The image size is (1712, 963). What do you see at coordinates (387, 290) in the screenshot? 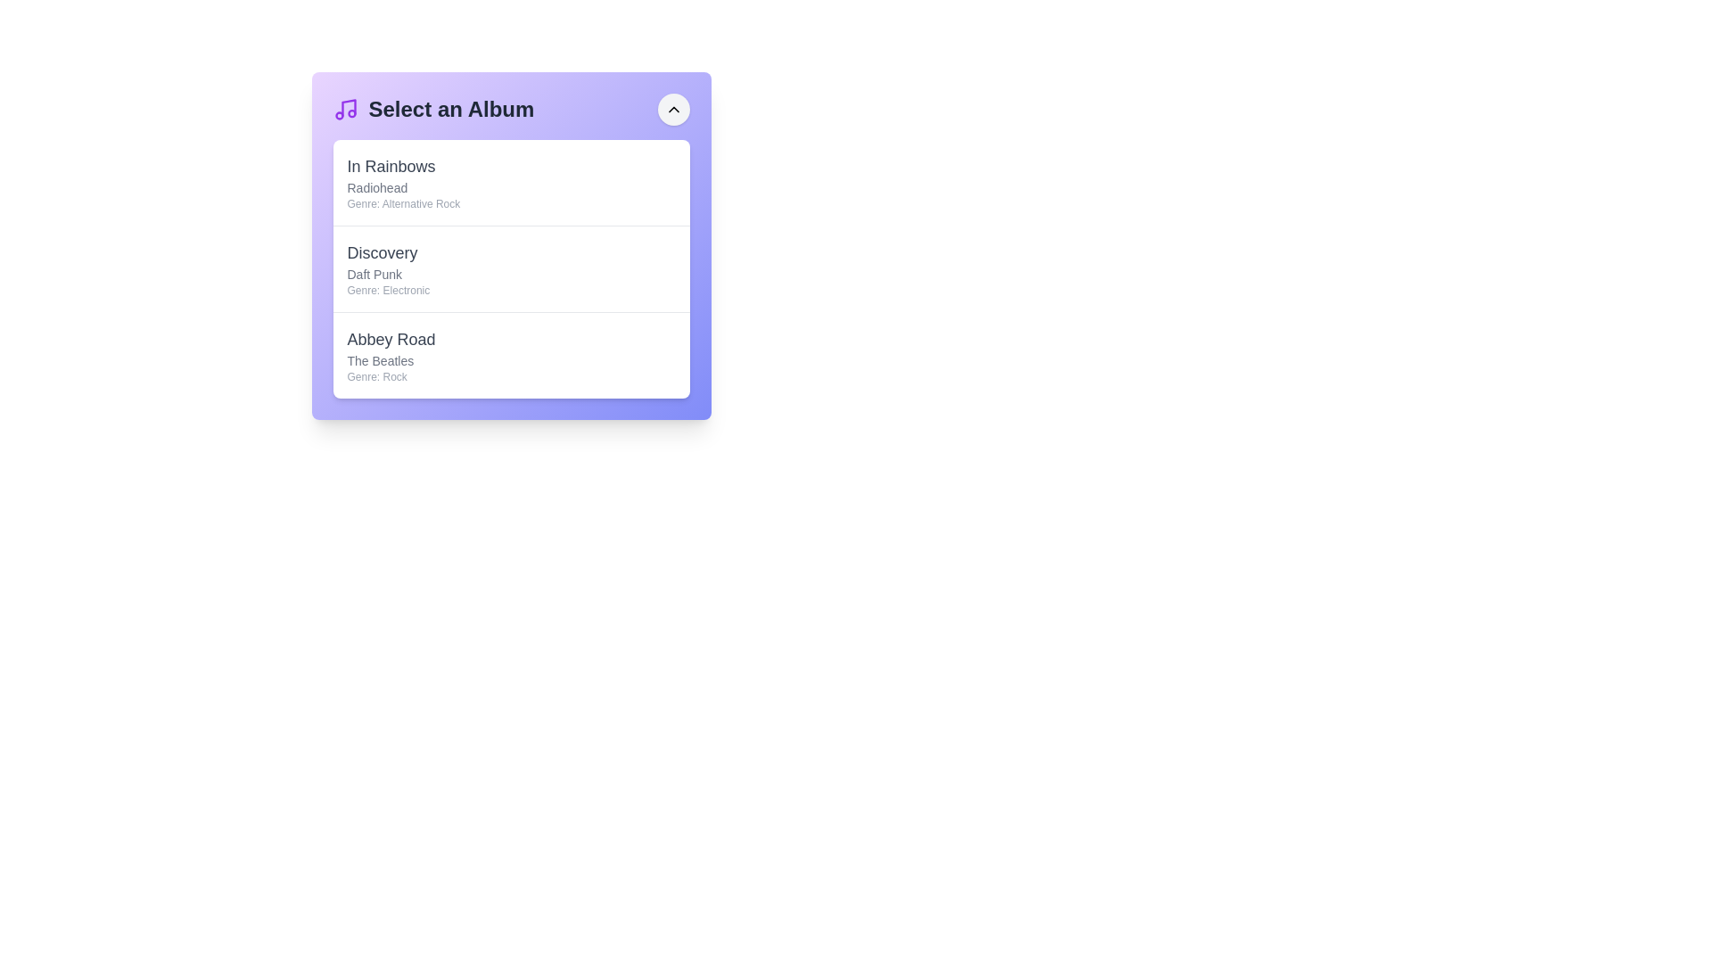
I see `displayed text from the textual label styled in a diminutive font and gray color, which reads 'Genre: Electronic', located below 'Daft Punk' in the 'Select an Album' interface` at bounding box center [387, 290].